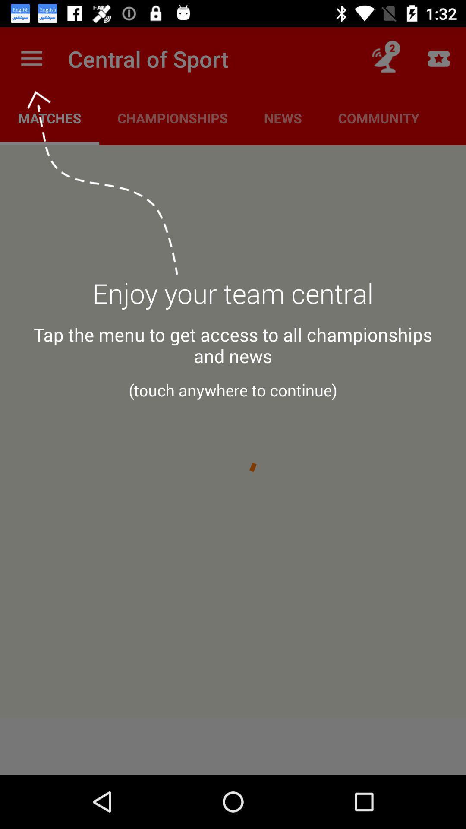 The image size is (466, 829). Describe the element at coordinates (233, 298) in the screenshot. I see `enjoy your team icon` at that location.